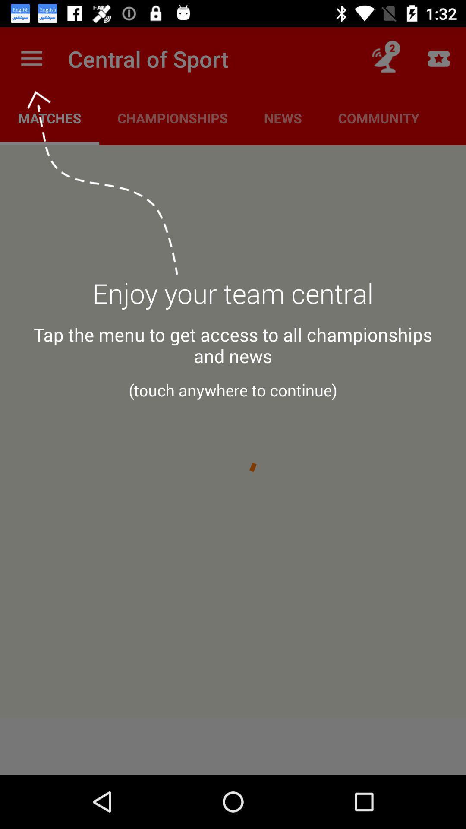 The image size is (466, 829). Describe the element at coordinates (233, 298) in the screenshot. I see `enjoy your team icon` at that location.